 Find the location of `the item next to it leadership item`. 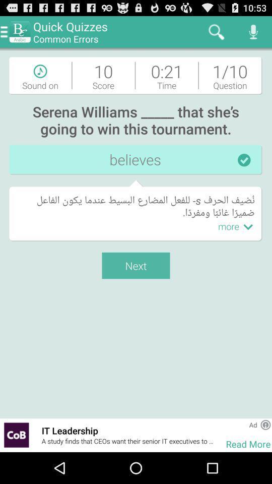

the item next to it leadership item is located at coordinates (220, 435).